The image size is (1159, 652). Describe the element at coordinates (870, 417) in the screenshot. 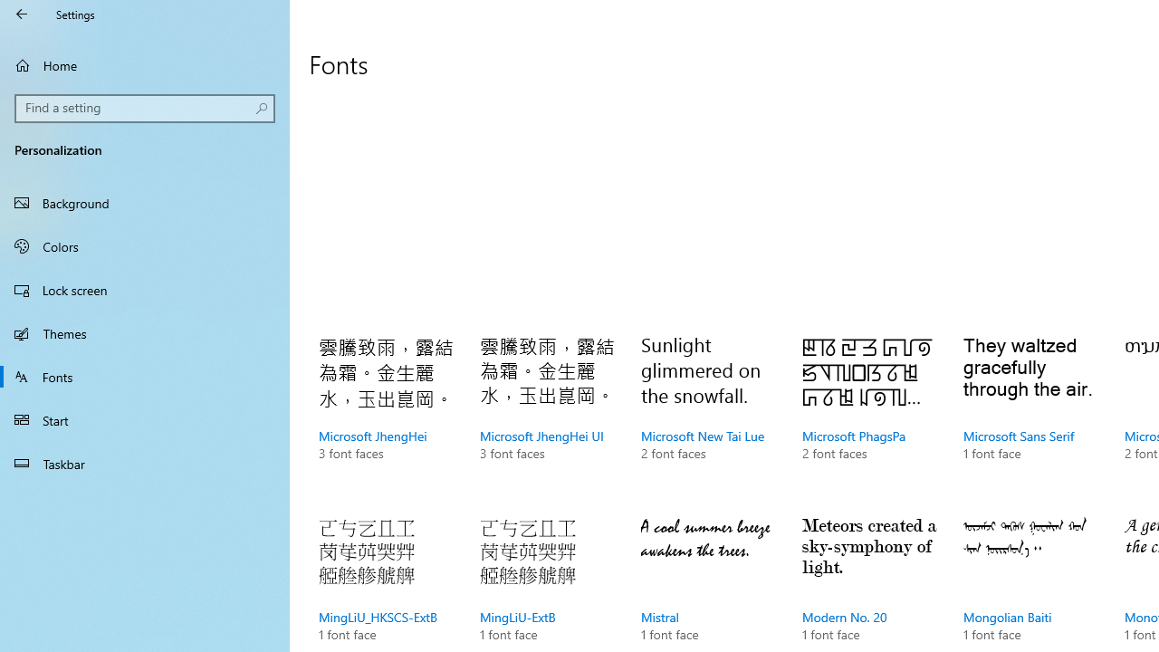

I see `'Microsoft PhagsPa, 2 font faces'` at that location.